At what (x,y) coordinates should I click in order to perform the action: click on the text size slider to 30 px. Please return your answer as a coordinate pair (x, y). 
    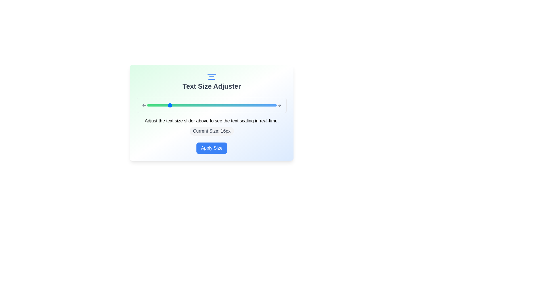
    Looking at the image, I should click on (244, 105).